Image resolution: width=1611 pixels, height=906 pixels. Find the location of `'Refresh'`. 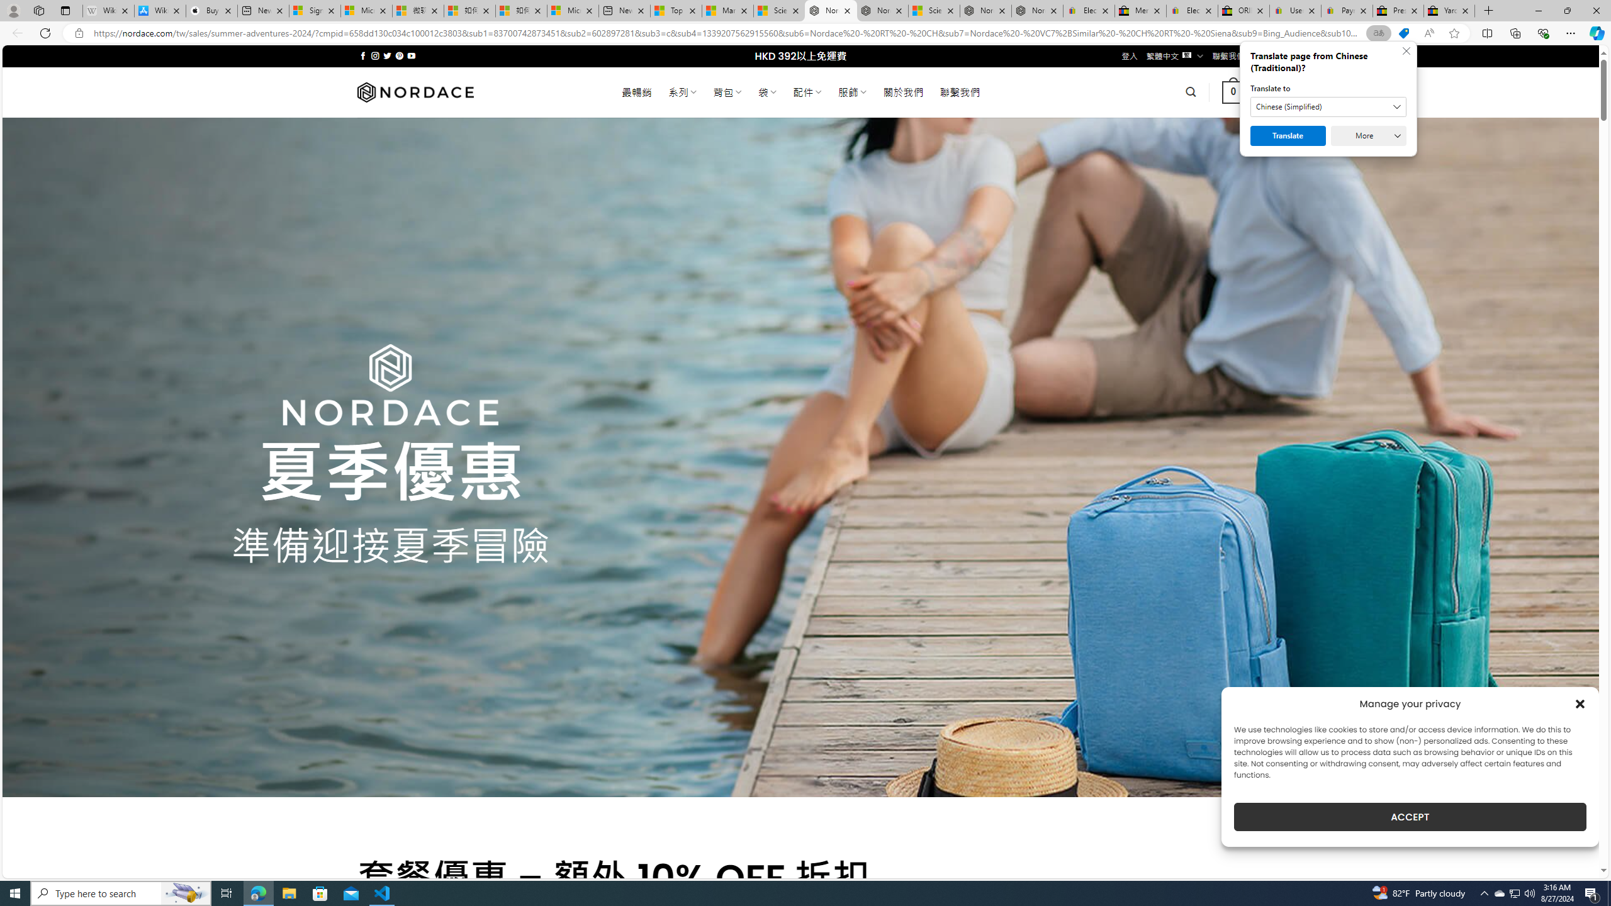

'Refresh' is located at coordinates (44, 32).